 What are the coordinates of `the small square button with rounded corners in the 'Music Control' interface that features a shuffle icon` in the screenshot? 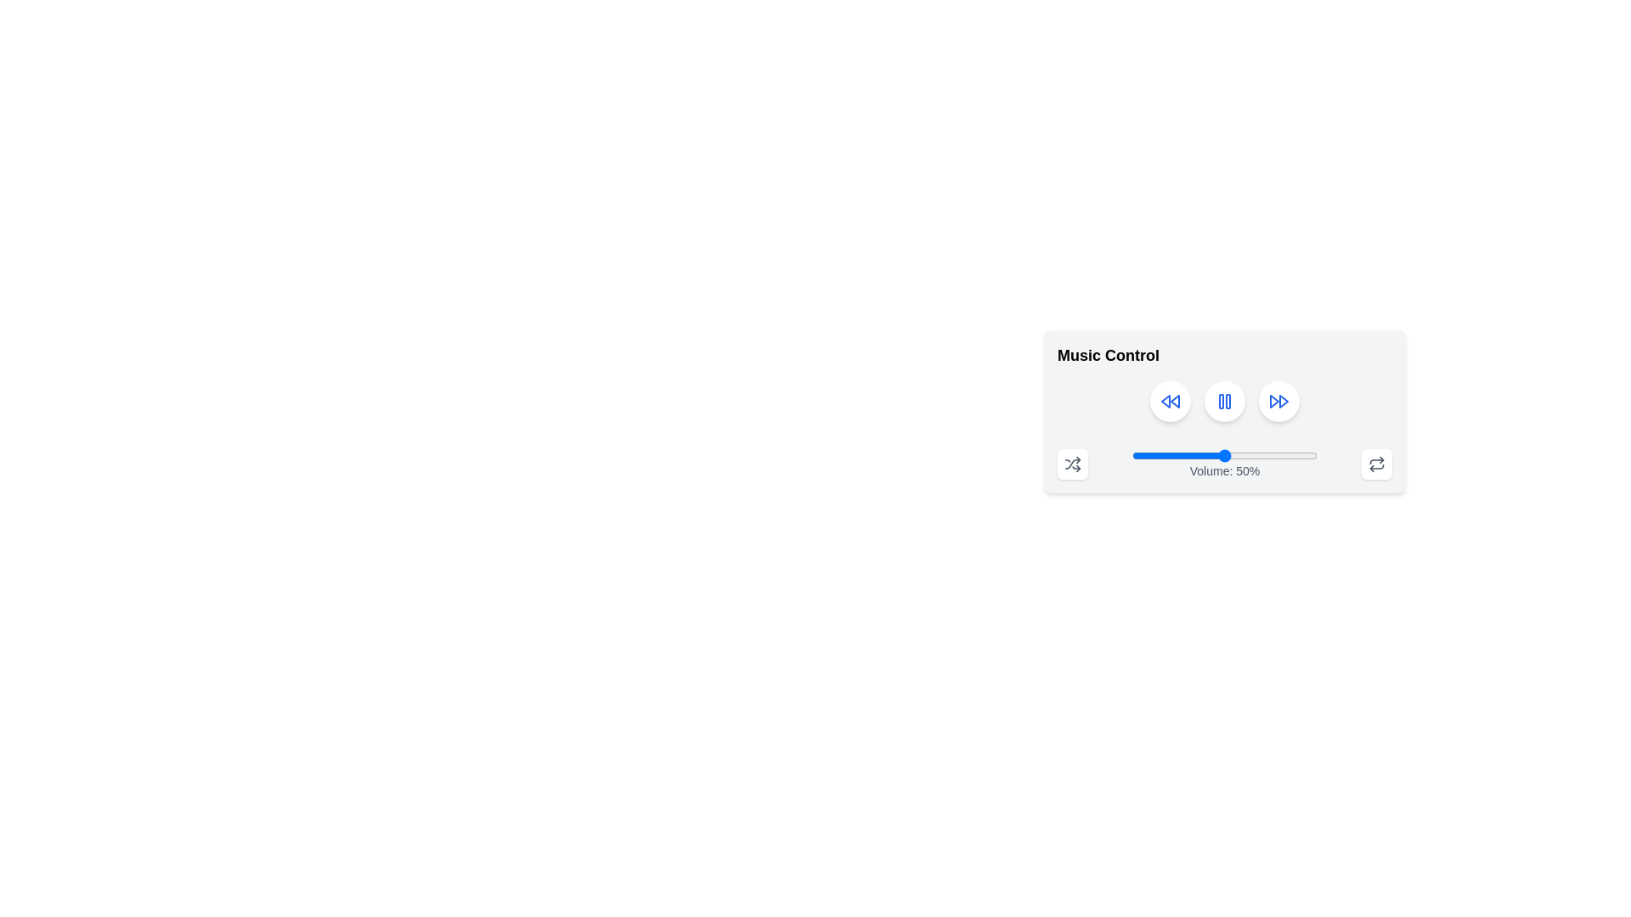 It's located at (1071, 464).